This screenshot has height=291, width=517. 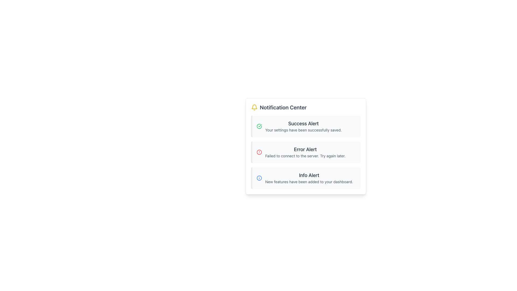 I want to click on notification text from the Notification box displaying 'Error Alert' with a gray background and red left border, which contains the message 'Failed to connect to the server. Try again later.', so click(x=306, y=152).